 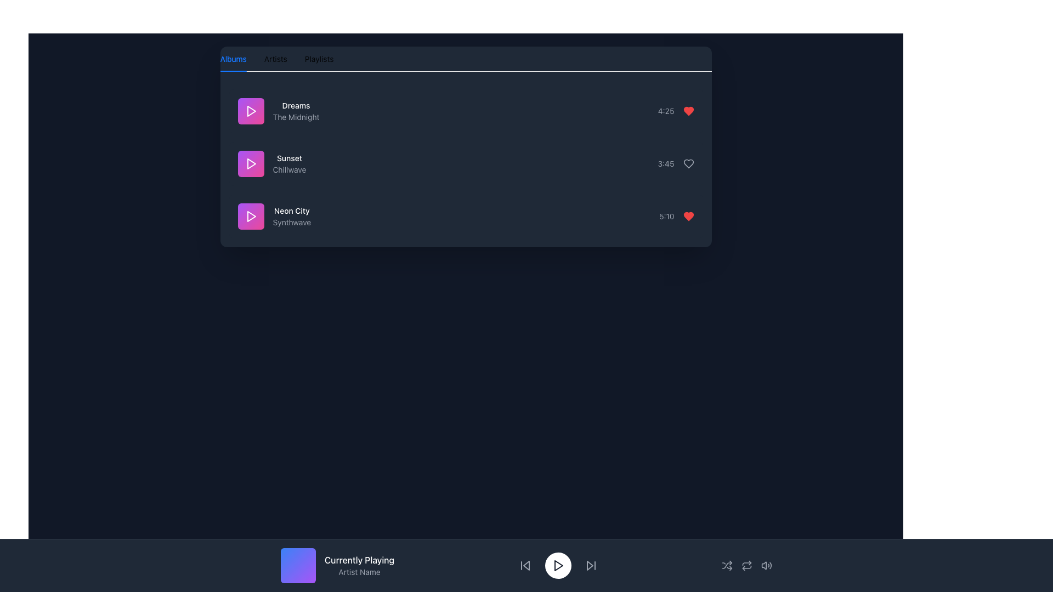 What do you see at coordinates (250, 164) in the screenshot?
I see `the play button icon located in the second item of a vertically arranged list, which is centered within a purple-pink gradient background to the left of the 'Sunset' text label` at bounding box center [250, 164].